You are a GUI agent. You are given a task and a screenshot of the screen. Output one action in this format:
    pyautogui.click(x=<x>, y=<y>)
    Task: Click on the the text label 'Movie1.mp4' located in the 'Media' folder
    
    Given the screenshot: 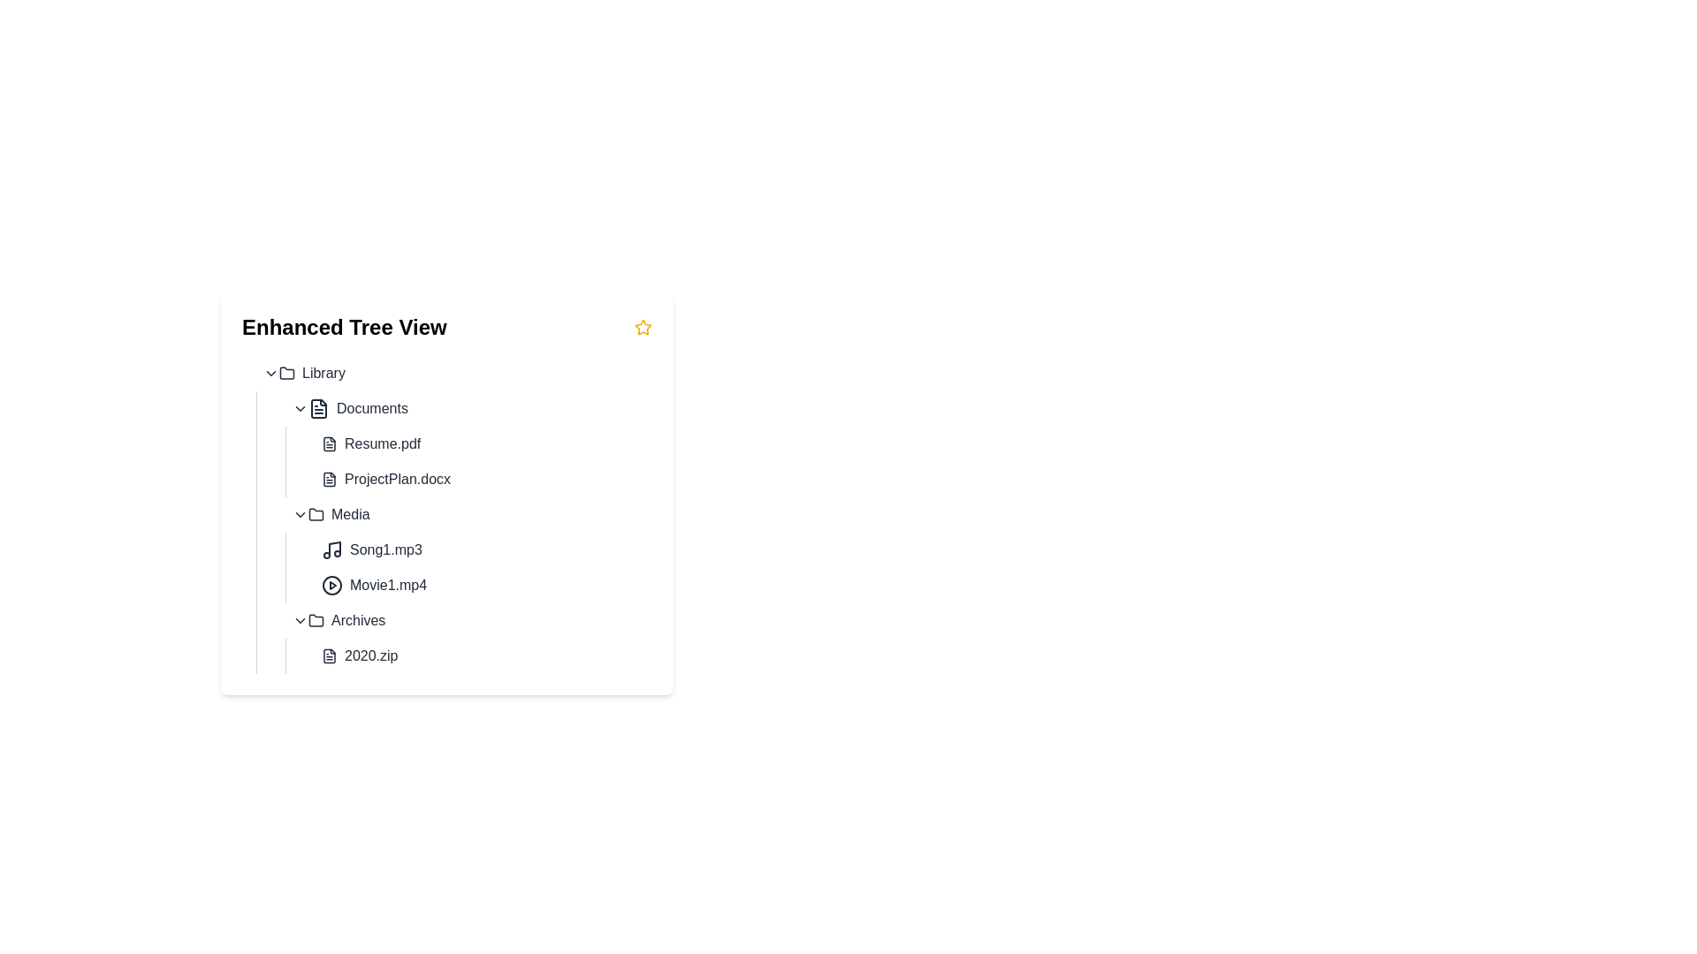 What is the action you would take?
    pyautogui.click(x=387, y=586)
    